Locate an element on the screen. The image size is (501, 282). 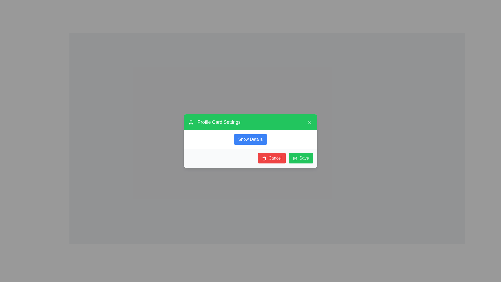
the 'Show Details' button, which is a rectangular button with a blue background and white text, located centrally in the middle section of the modal dialog is located at coordinates (250, 141).